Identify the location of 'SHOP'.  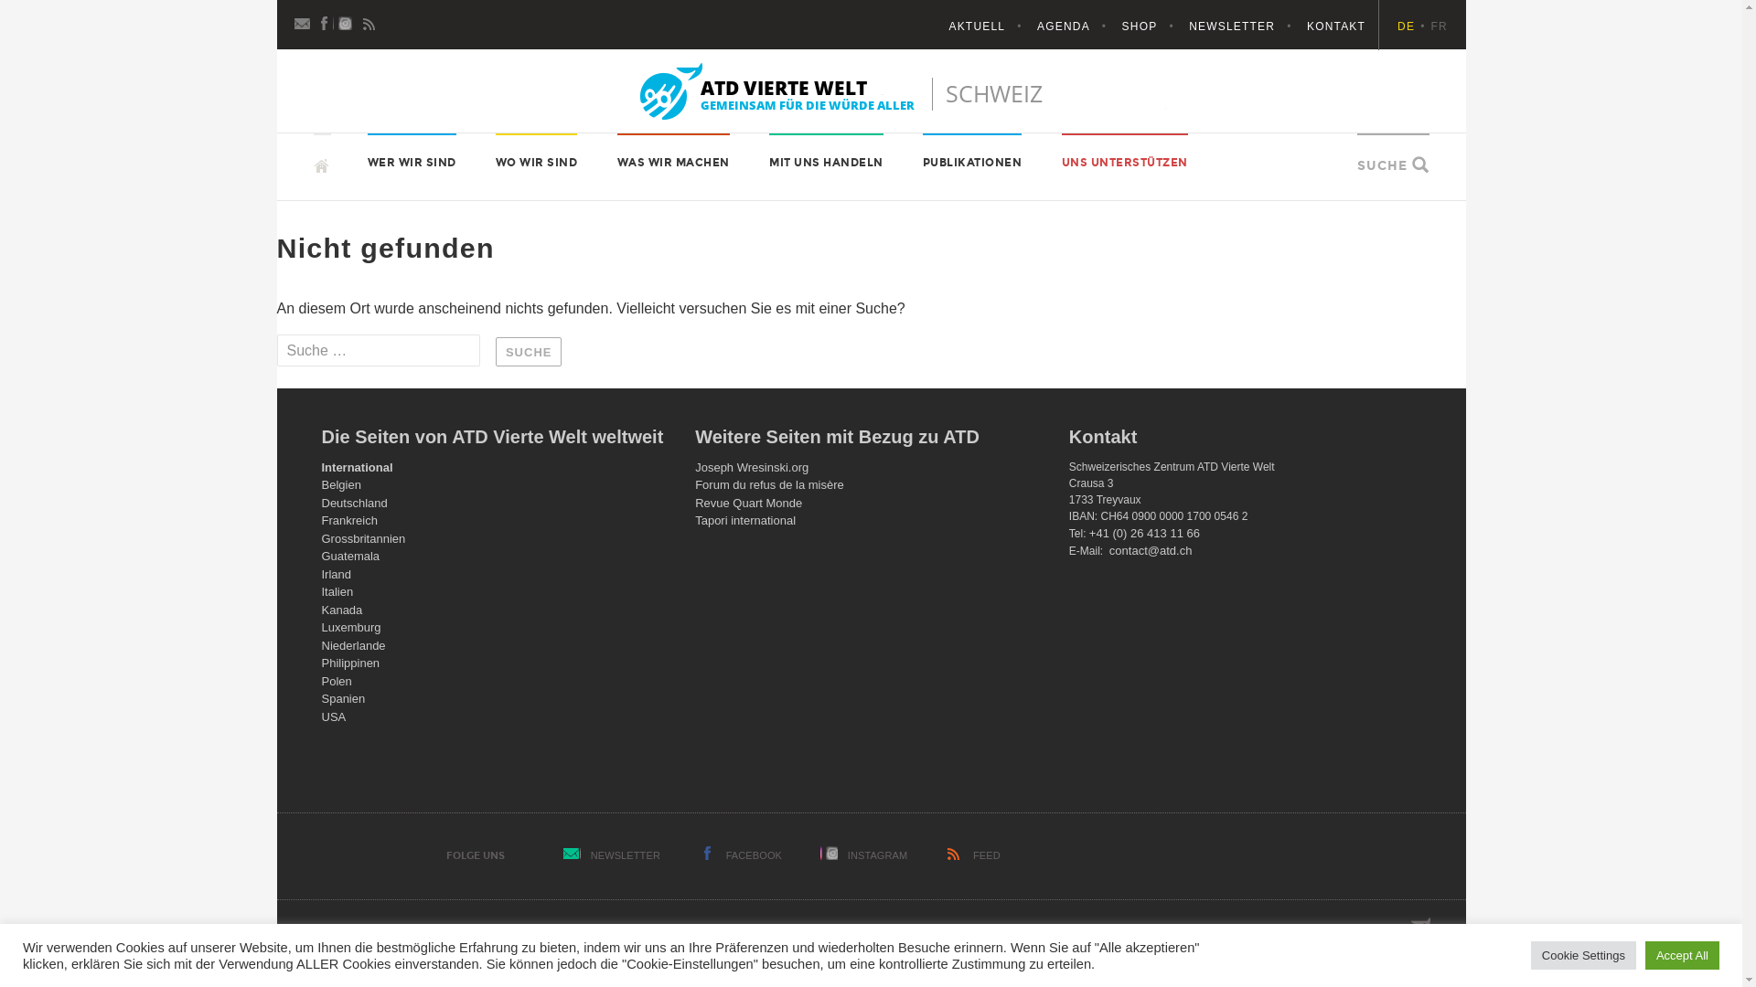
(1153, 27).